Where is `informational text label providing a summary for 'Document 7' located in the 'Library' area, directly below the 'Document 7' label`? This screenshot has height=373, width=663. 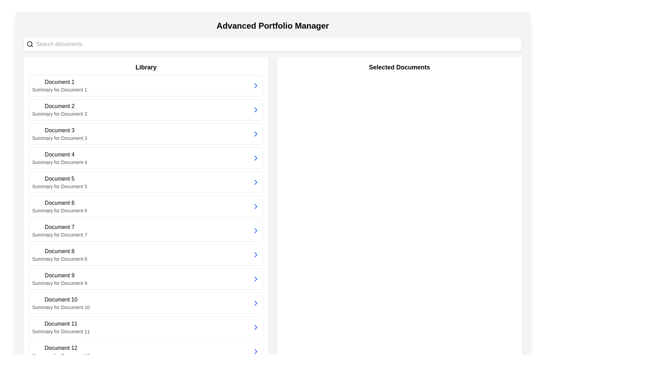 informational text label providing a summary for 'Document 7' located in the 'Library' area, directly below the 'Document 7' label is located at coordinates (59, 234).